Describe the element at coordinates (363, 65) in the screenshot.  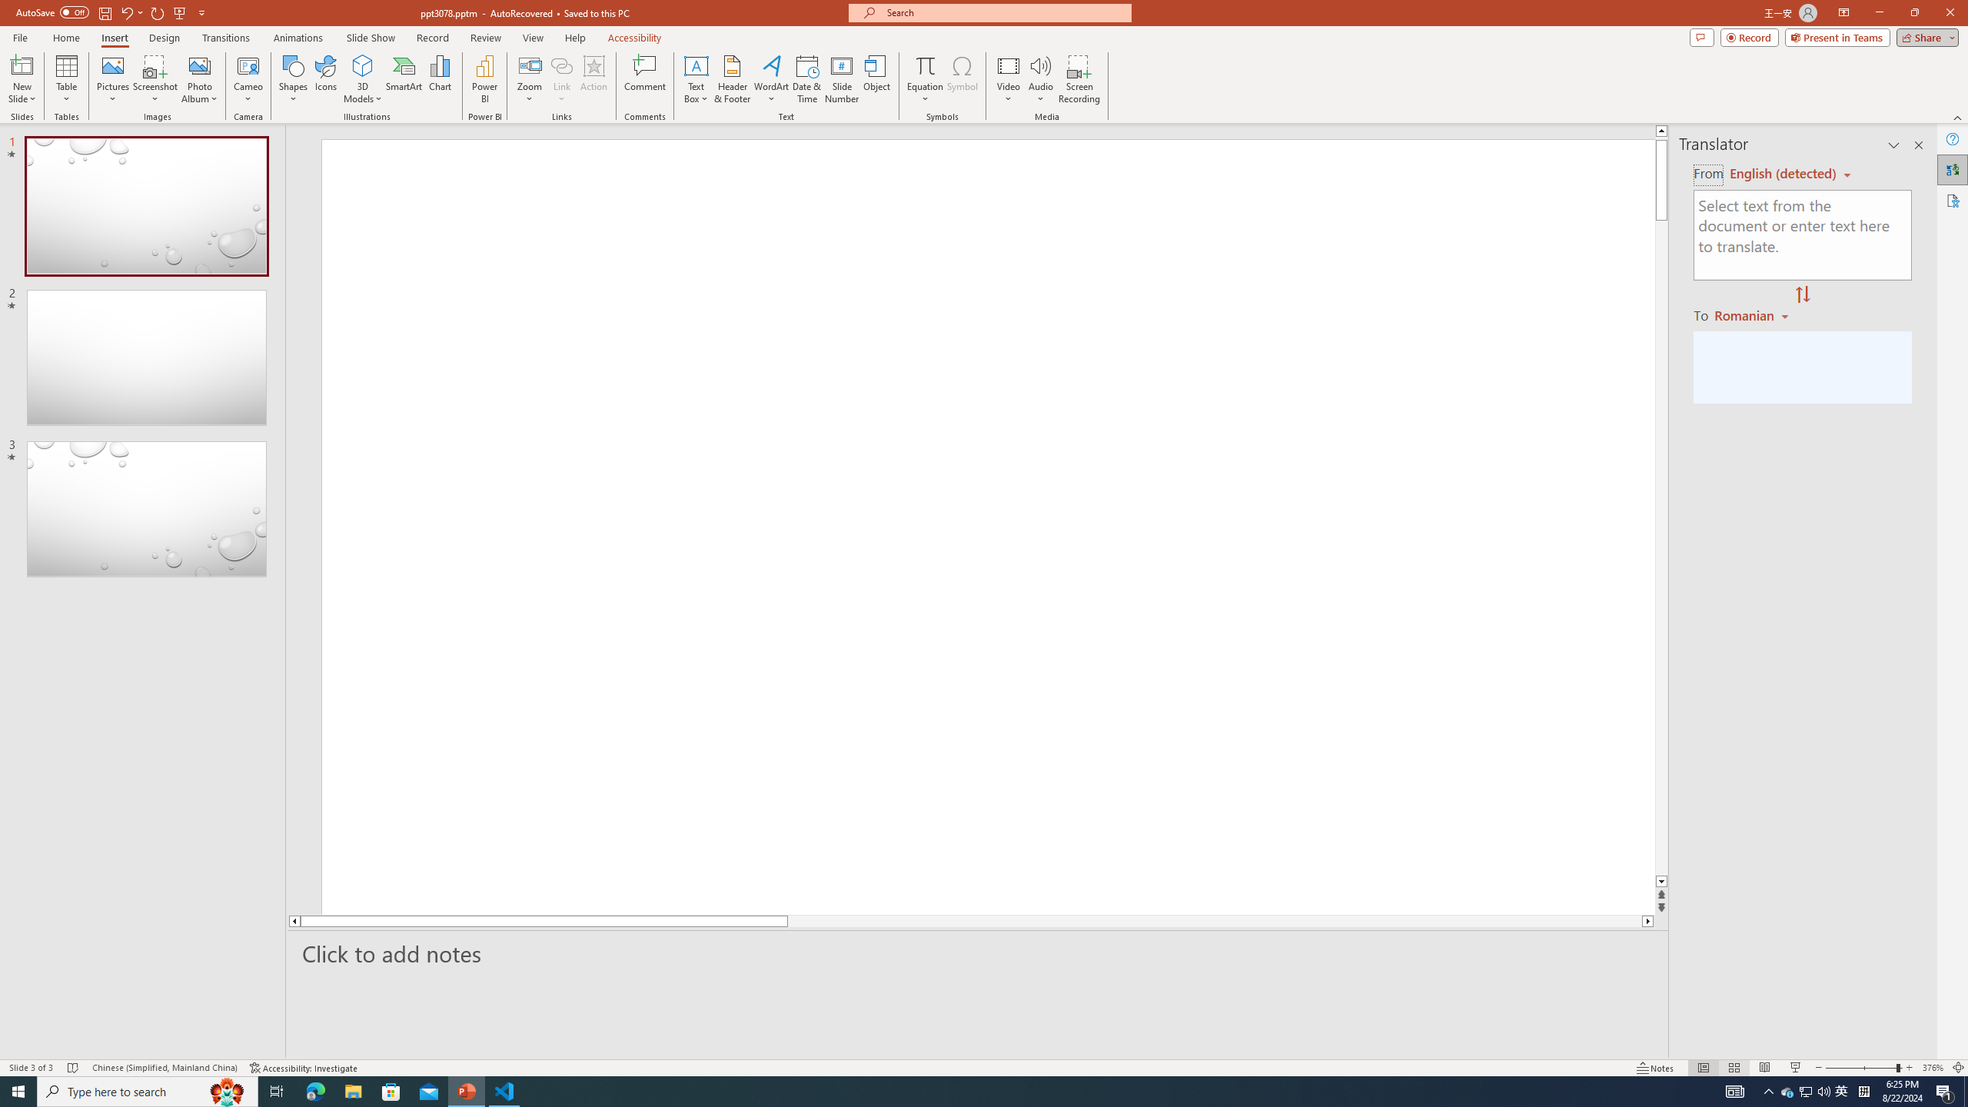
I see `'3D Models'` at that location.